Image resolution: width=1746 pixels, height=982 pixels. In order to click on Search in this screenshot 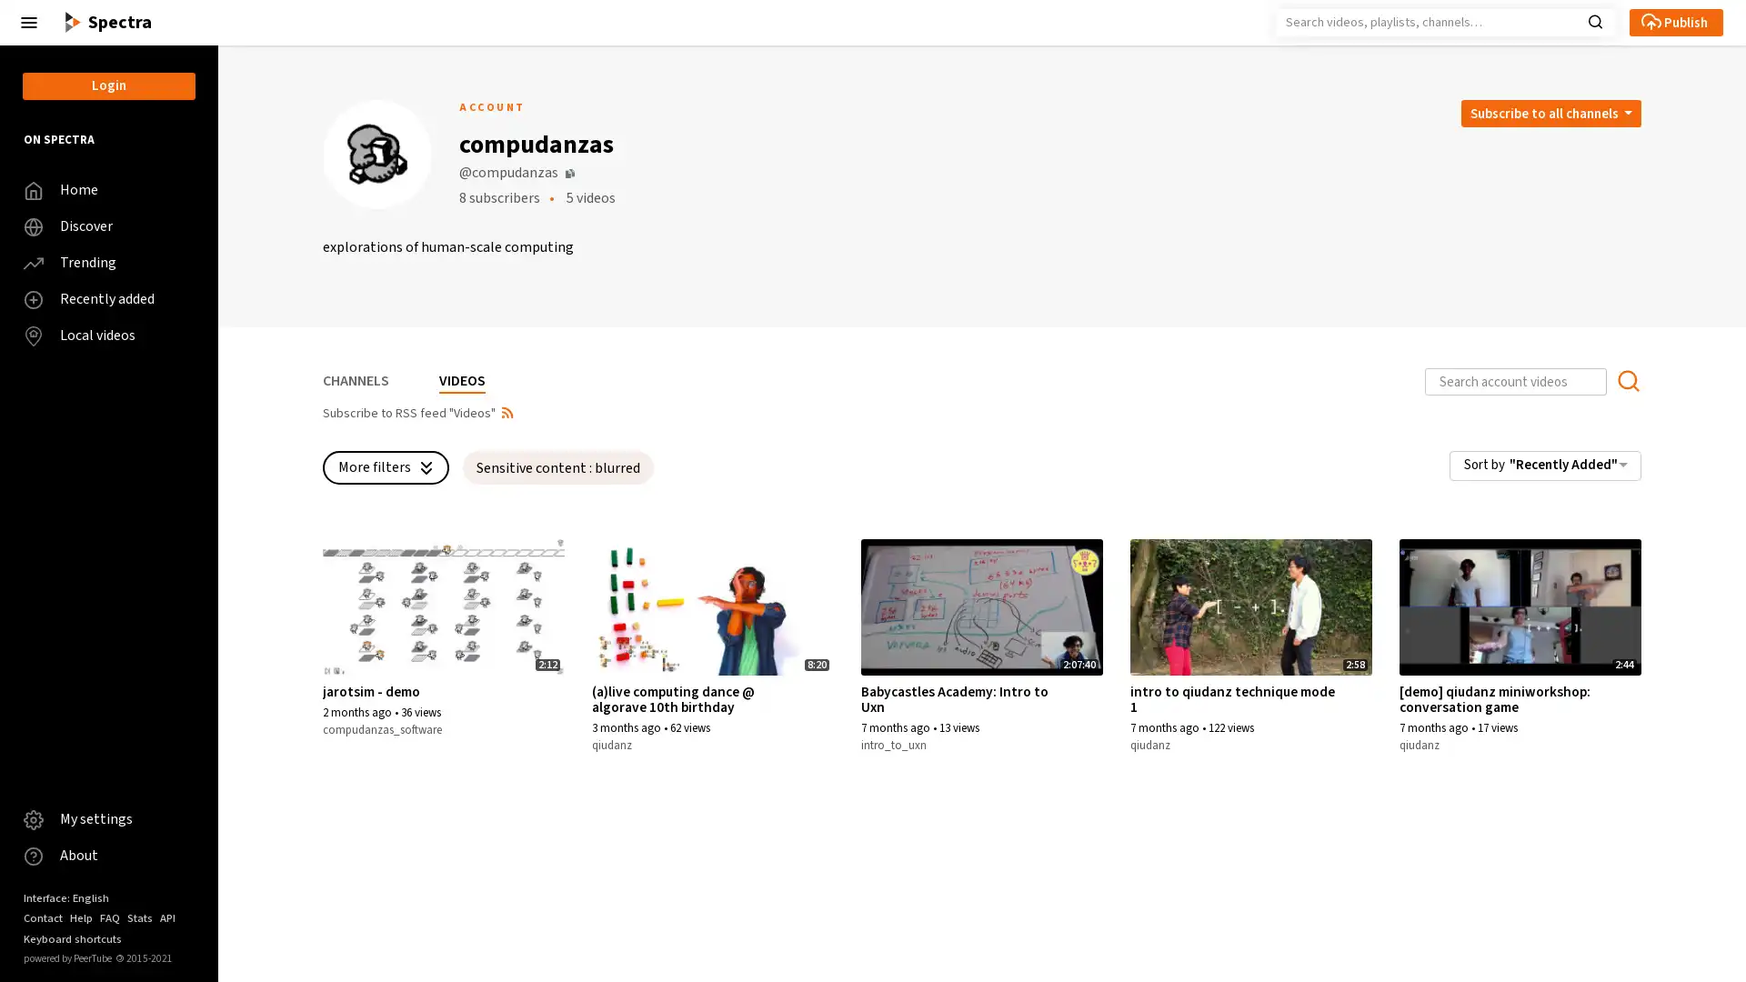, I will do `click(1628, 380)`.